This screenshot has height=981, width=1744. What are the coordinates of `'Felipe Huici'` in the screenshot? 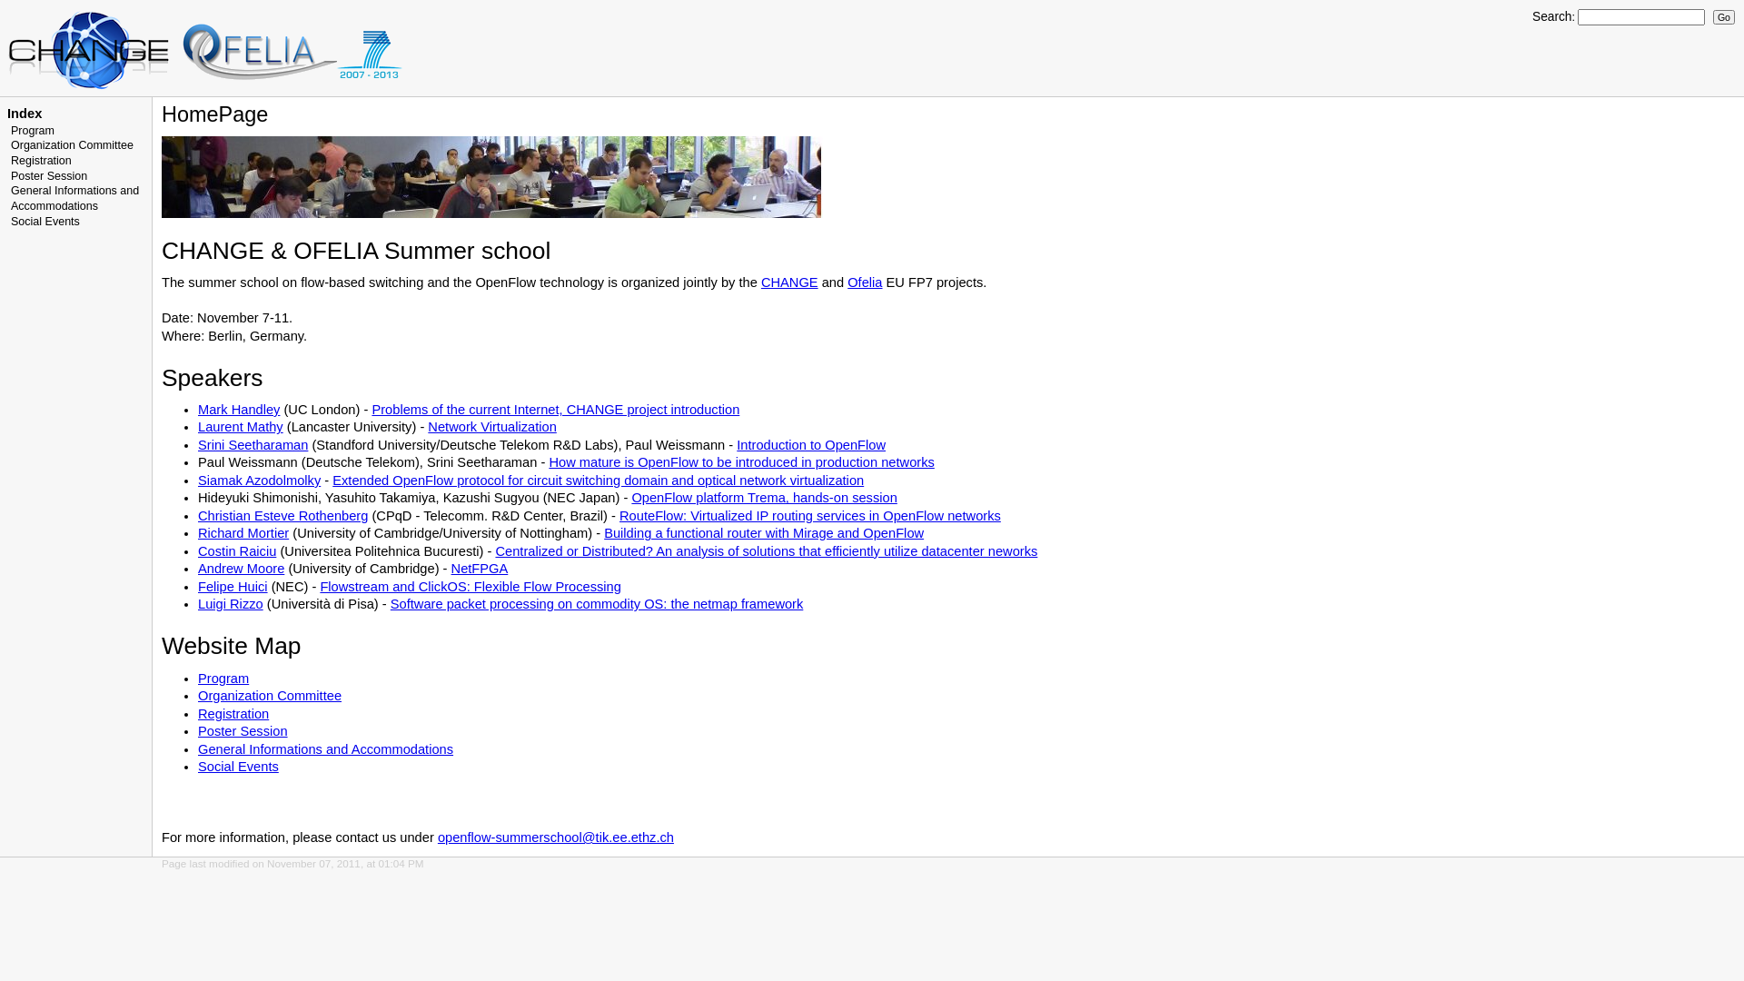 It's located at (232, 586).